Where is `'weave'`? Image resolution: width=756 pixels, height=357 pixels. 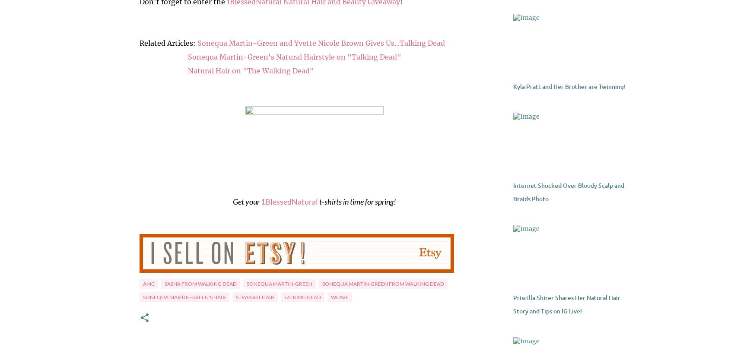
'weave' is located at coordinates (339, 297).